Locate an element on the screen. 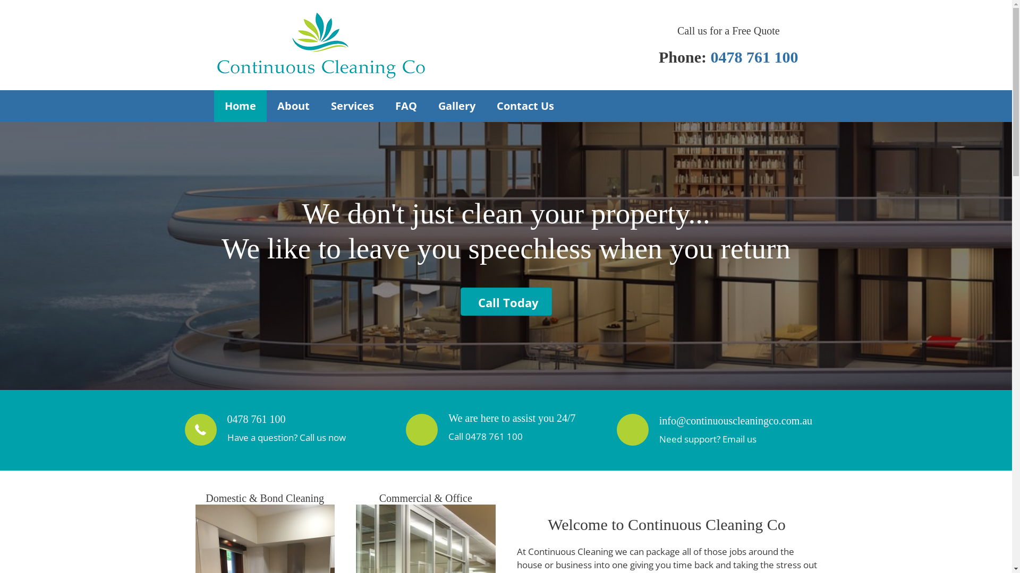 The width and height of the screenshot is (1020, 573). 'Contact Us' is located at coordinates (525, 106).